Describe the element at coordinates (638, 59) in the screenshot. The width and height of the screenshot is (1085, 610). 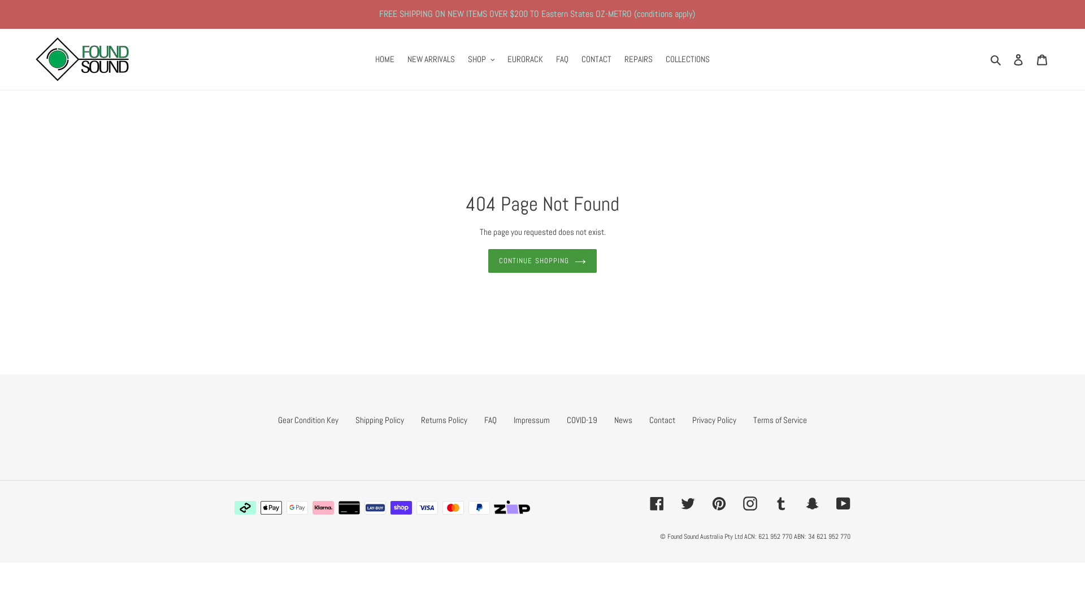
I see `'REPAIRS'` at that location.